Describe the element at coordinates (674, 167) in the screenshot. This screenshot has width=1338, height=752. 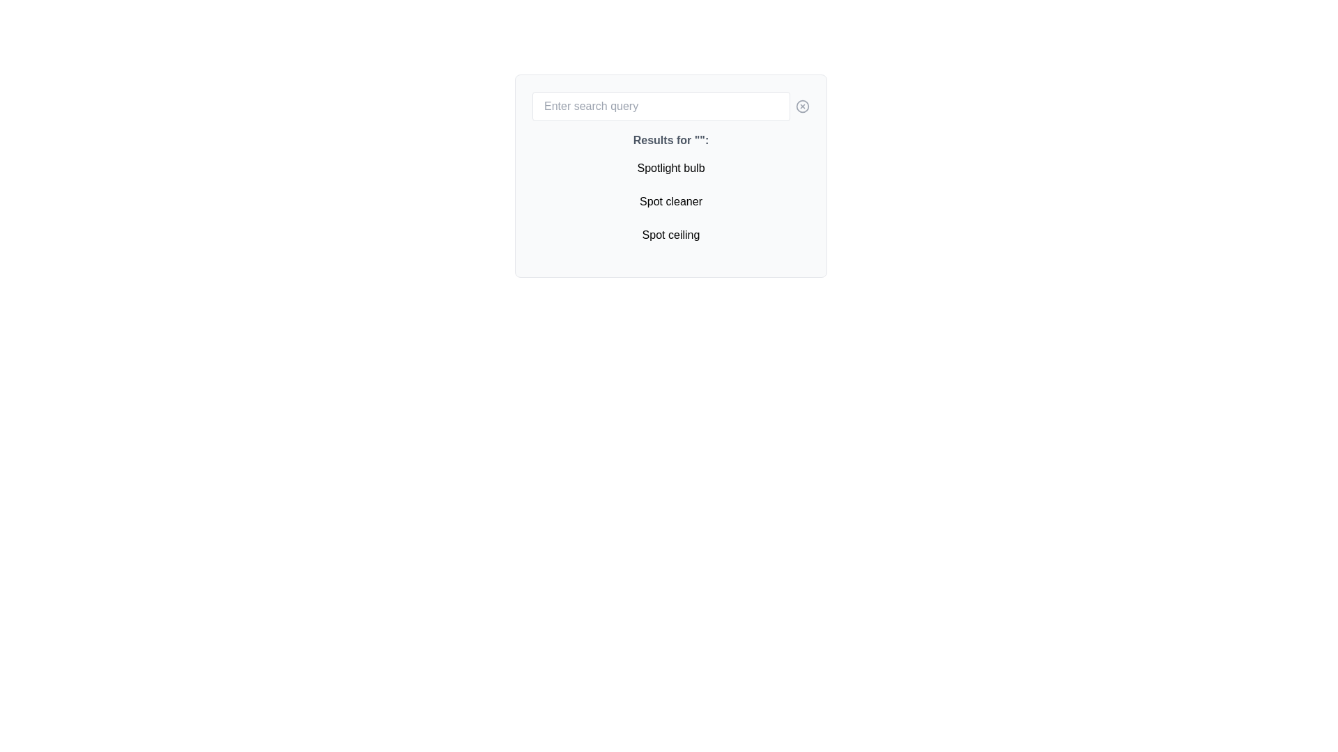
I see `the character 'h' in the dropdown list option that forms the word 'Spotlight bulb', specifically the 14th character of the phrase` at that location.